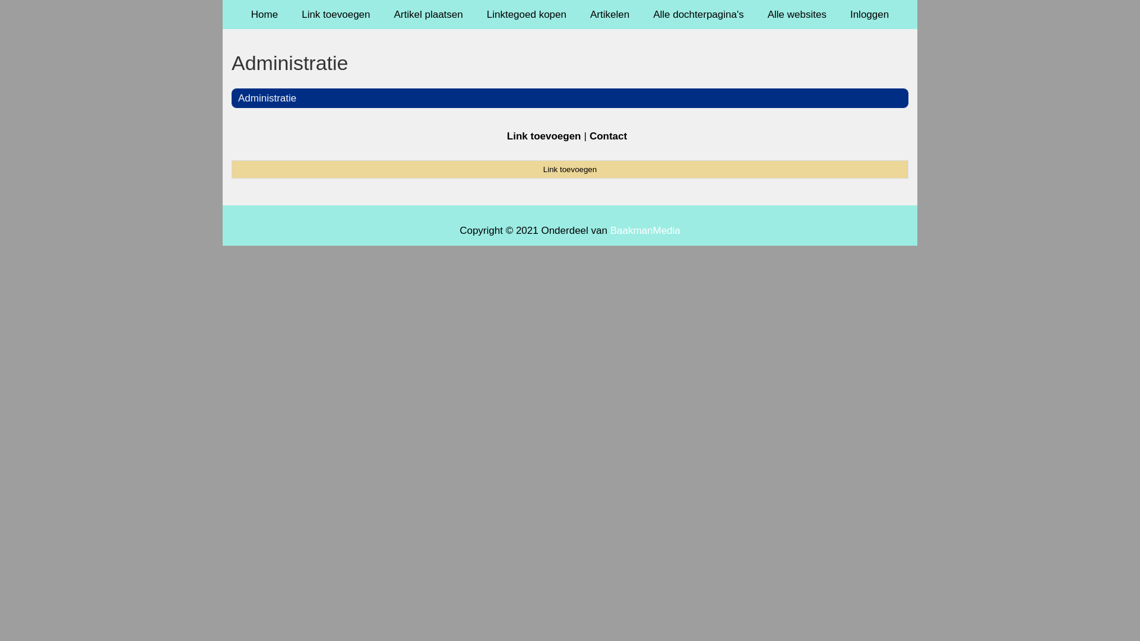  I want to click on 'Inloggen', so click(869, 14).